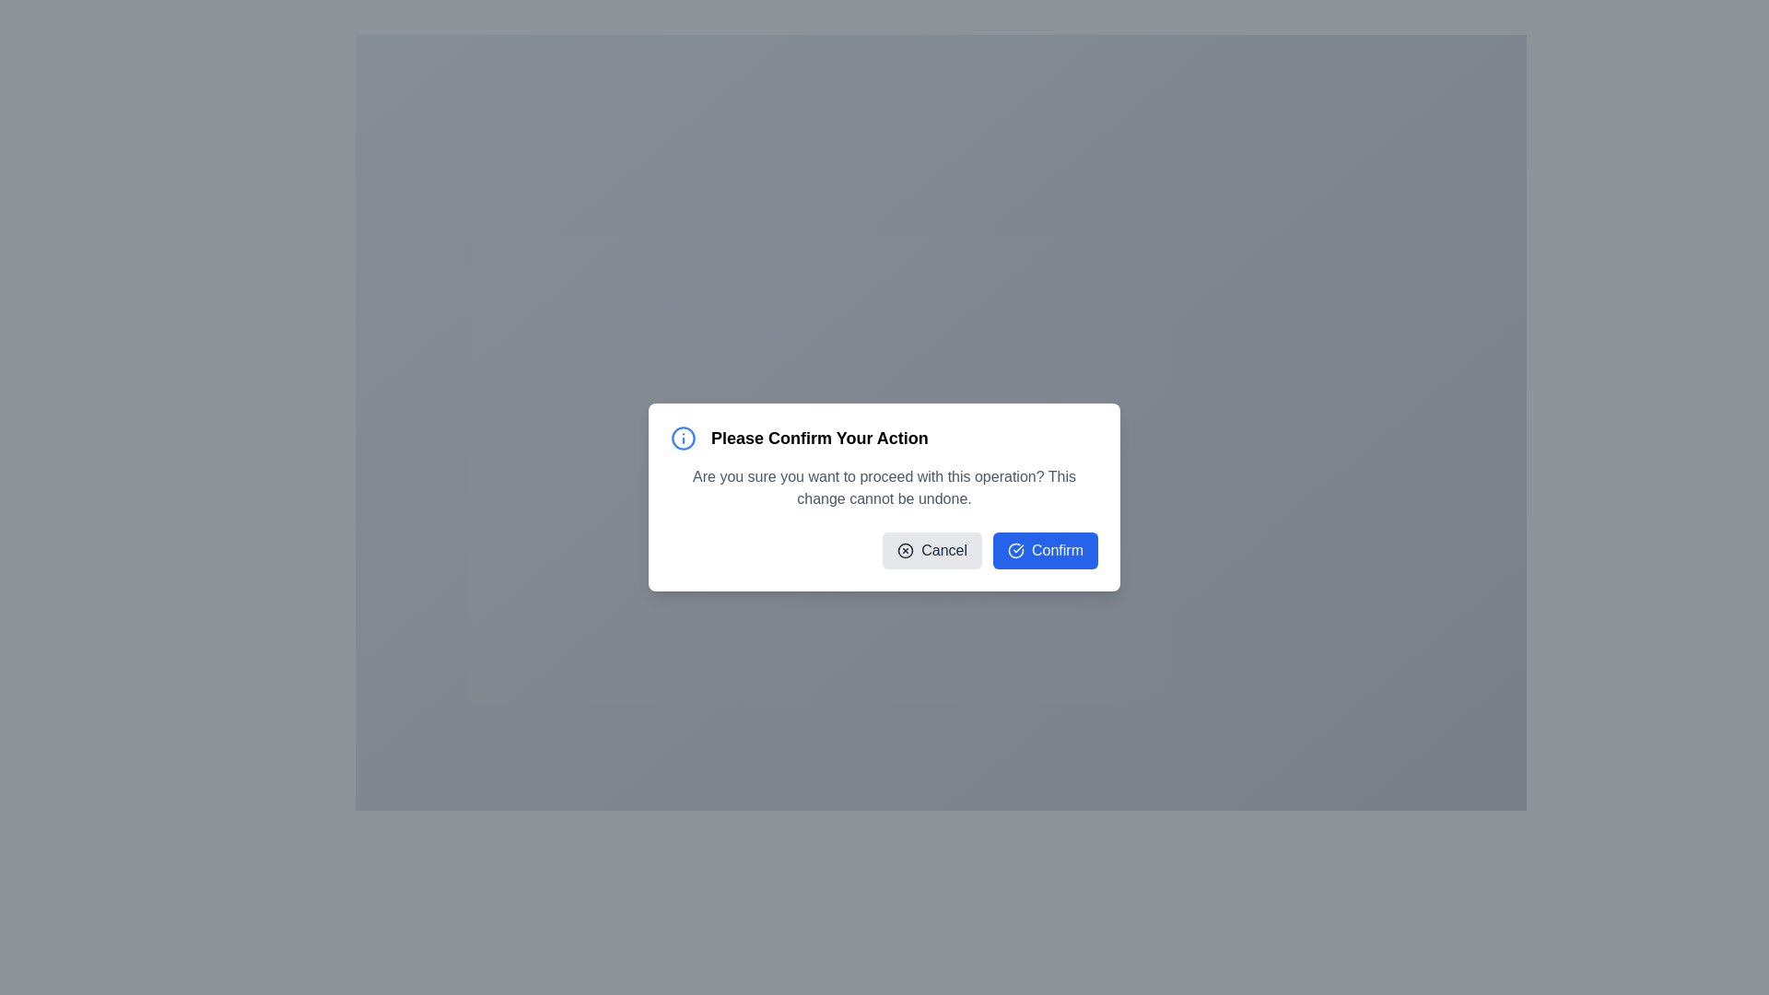 The width and height of the screenshot is (1769, 995). I want to click on the modal's title text label, which is centrally positioned in the modal's header section and located to the right of the information icon, so click(818, 438).